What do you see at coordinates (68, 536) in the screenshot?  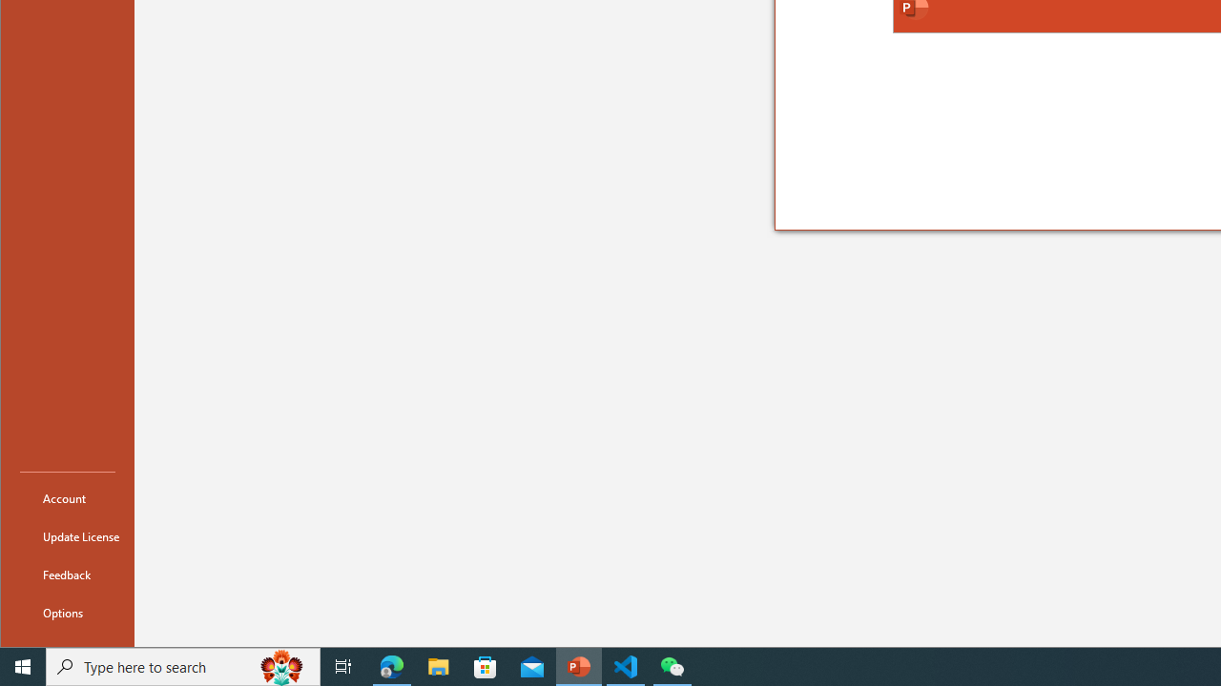 I see `'Update License'` at bounding box center [68, 536].